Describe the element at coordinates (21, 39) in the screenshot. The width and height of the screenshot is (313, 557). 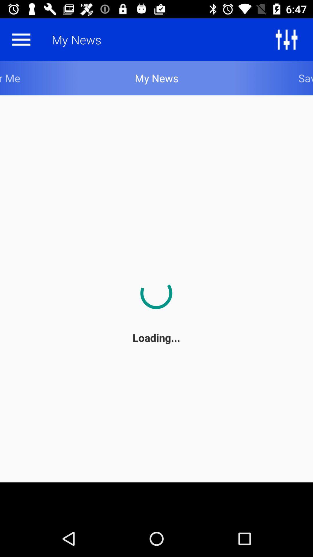
I see `the menu icon` at that location.